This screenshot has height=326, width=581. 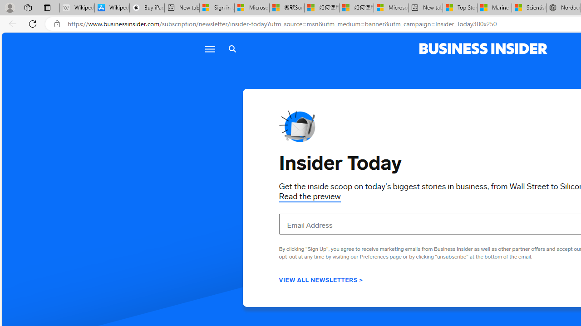 What do you see at coordinates (209, 49) in the screenshot?
I see `'Menu icon'` at bounding box center [209, 49].